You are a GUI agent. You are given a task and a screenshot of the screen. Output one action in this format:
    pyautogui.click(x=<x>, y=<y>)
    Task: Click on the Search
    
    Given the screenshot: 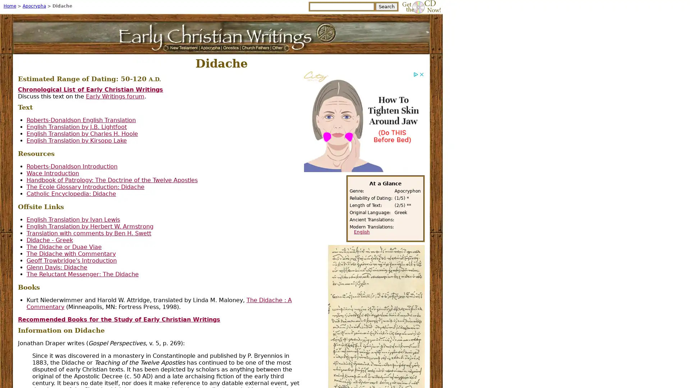 What is the action you would take?
    pyautogui.click(x=386, y=6)
    